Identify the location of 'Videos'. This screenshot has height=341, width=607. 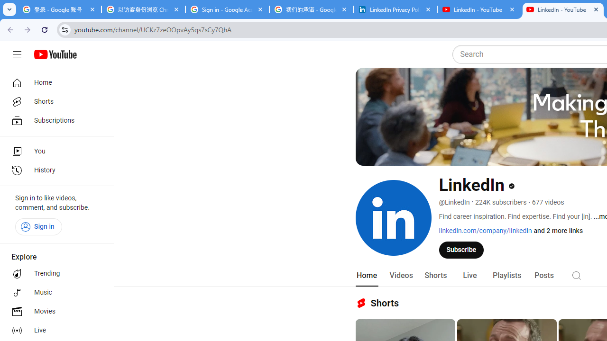
(401, 275).